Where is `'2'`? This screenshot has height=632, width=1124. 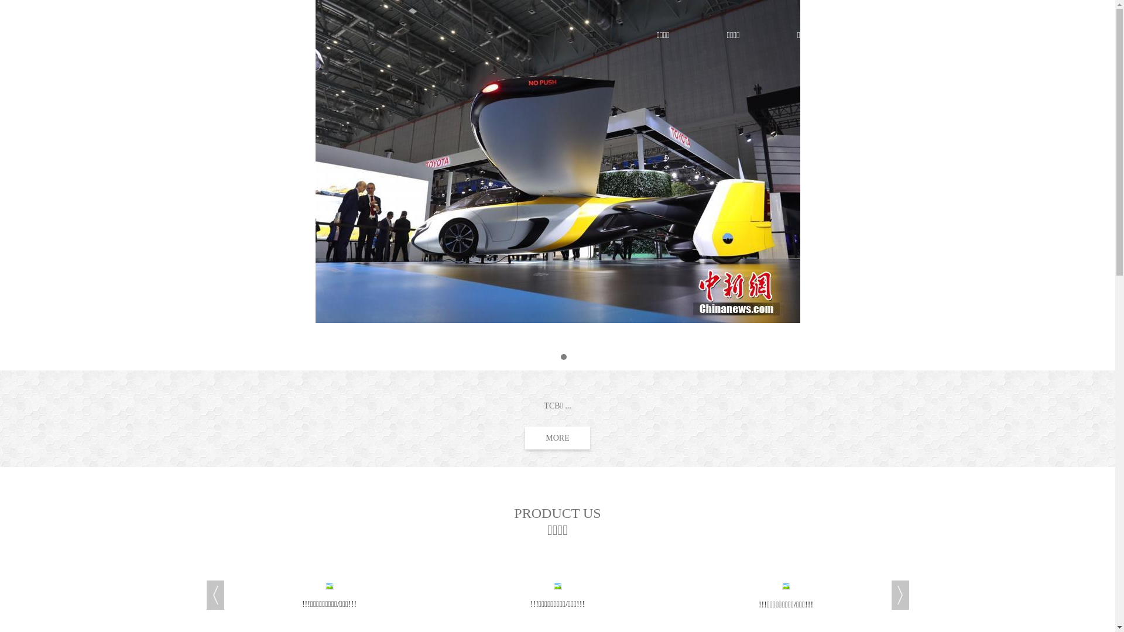 '2' is located at coordinates (564, 356).